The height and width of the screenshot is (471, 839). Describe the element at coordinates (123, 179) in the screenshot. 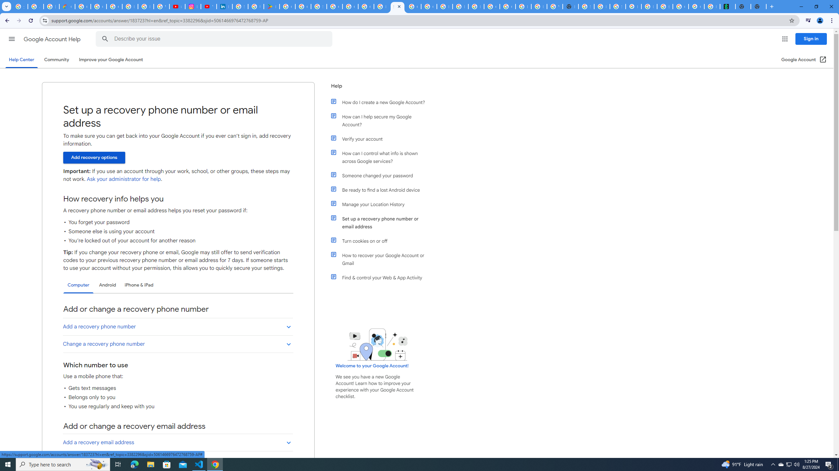

I see `'Ask your administrator for help'` at that location.